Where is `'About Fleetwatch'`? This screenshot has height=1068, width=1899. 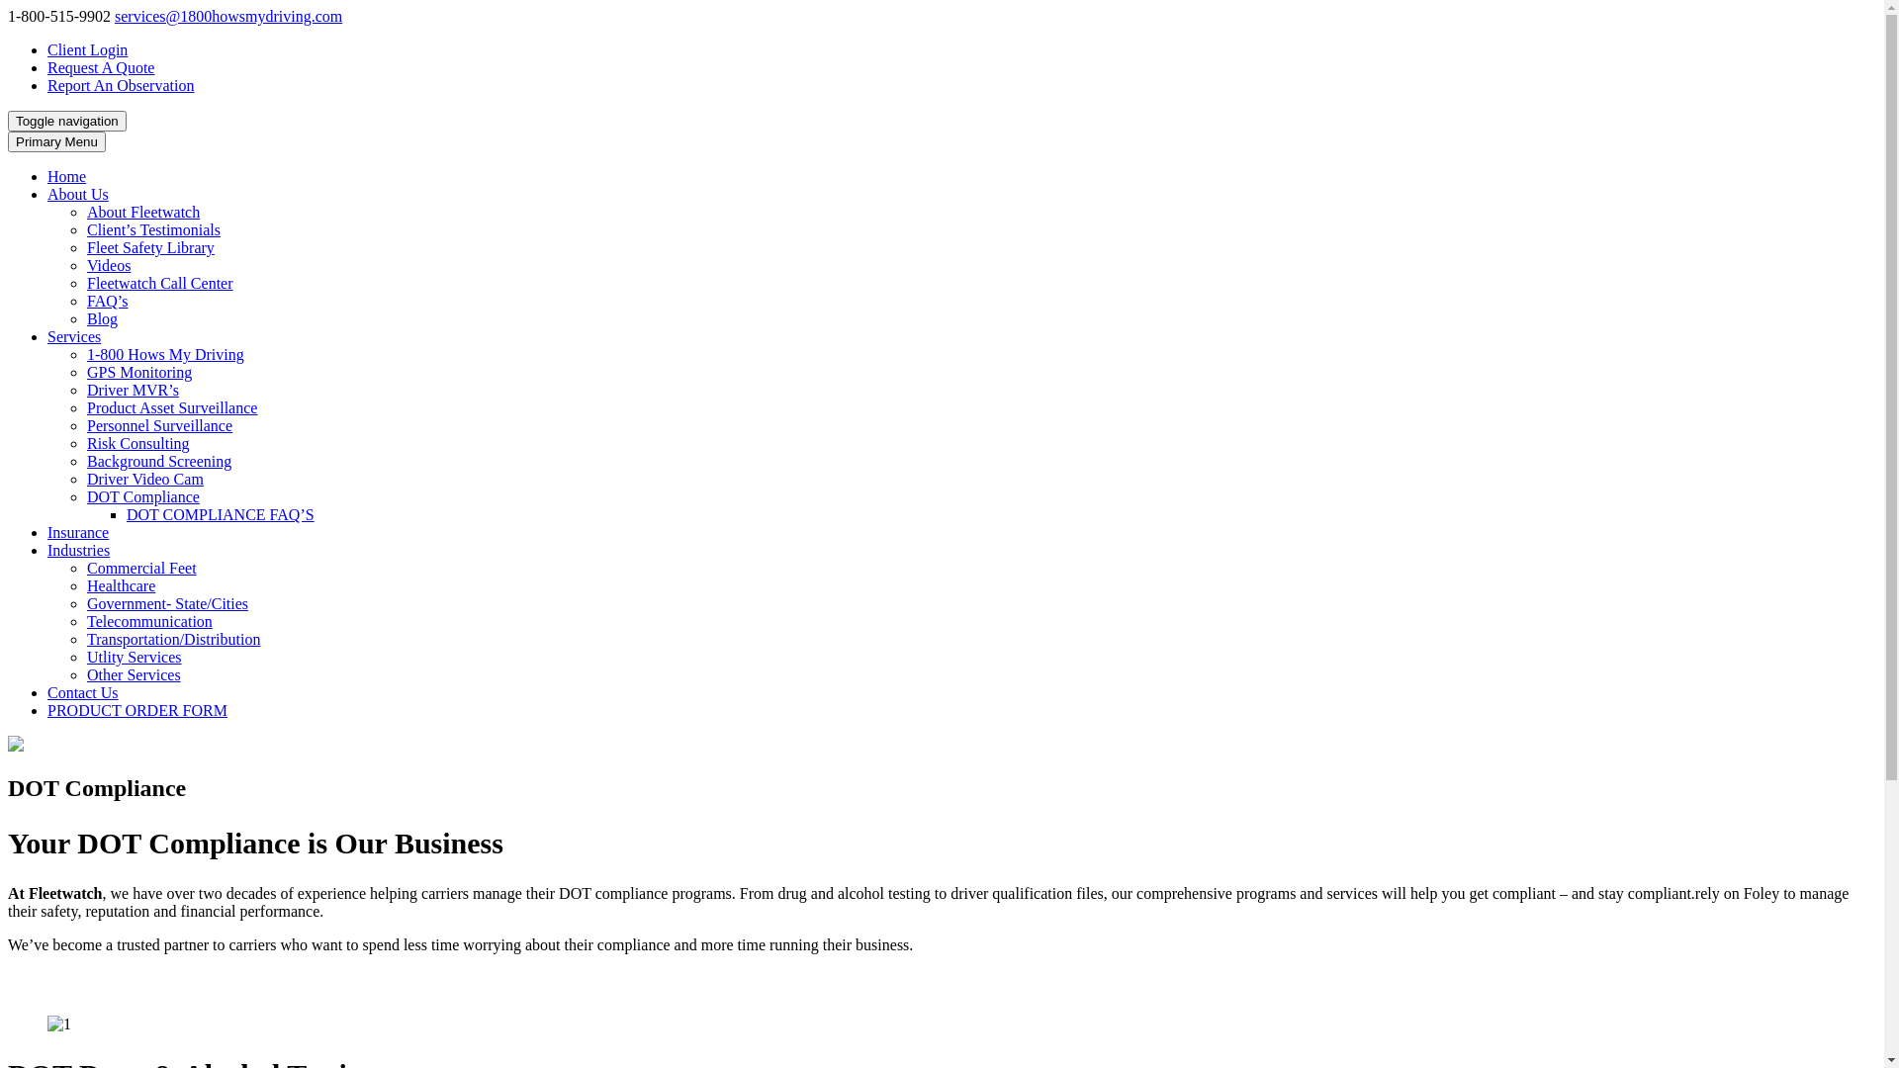
'About Fleetwatch' is located at coordinates (141, 212).